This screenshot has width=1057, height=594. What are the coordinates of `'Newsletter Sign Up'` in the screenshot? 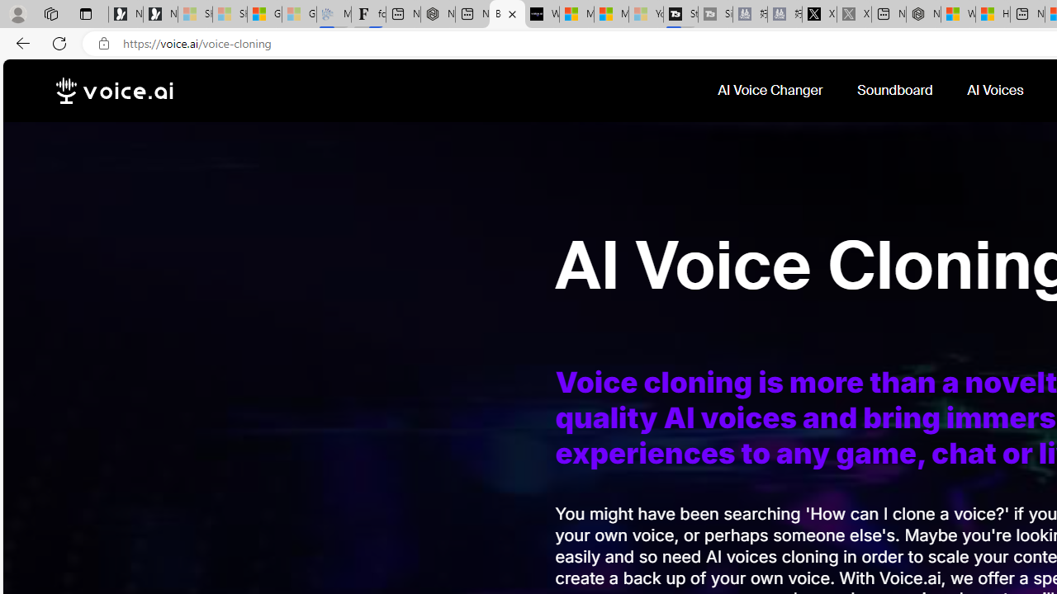 It's located at (160, 14).